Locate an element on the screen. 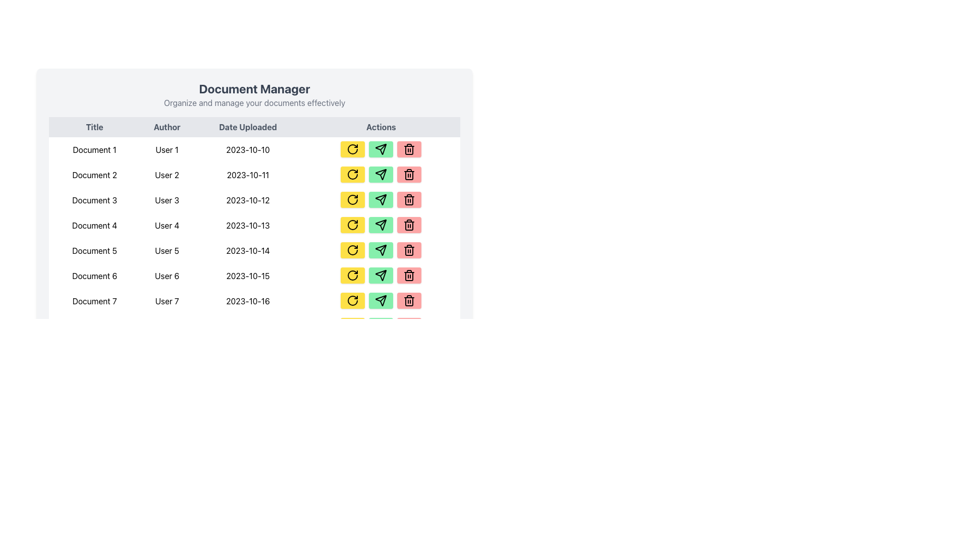  the static text label that displays the upload date of 'Document 7', located in the third cell of the seventh row under the 'Date Uploaded' column is located at coordinates (248, 301).